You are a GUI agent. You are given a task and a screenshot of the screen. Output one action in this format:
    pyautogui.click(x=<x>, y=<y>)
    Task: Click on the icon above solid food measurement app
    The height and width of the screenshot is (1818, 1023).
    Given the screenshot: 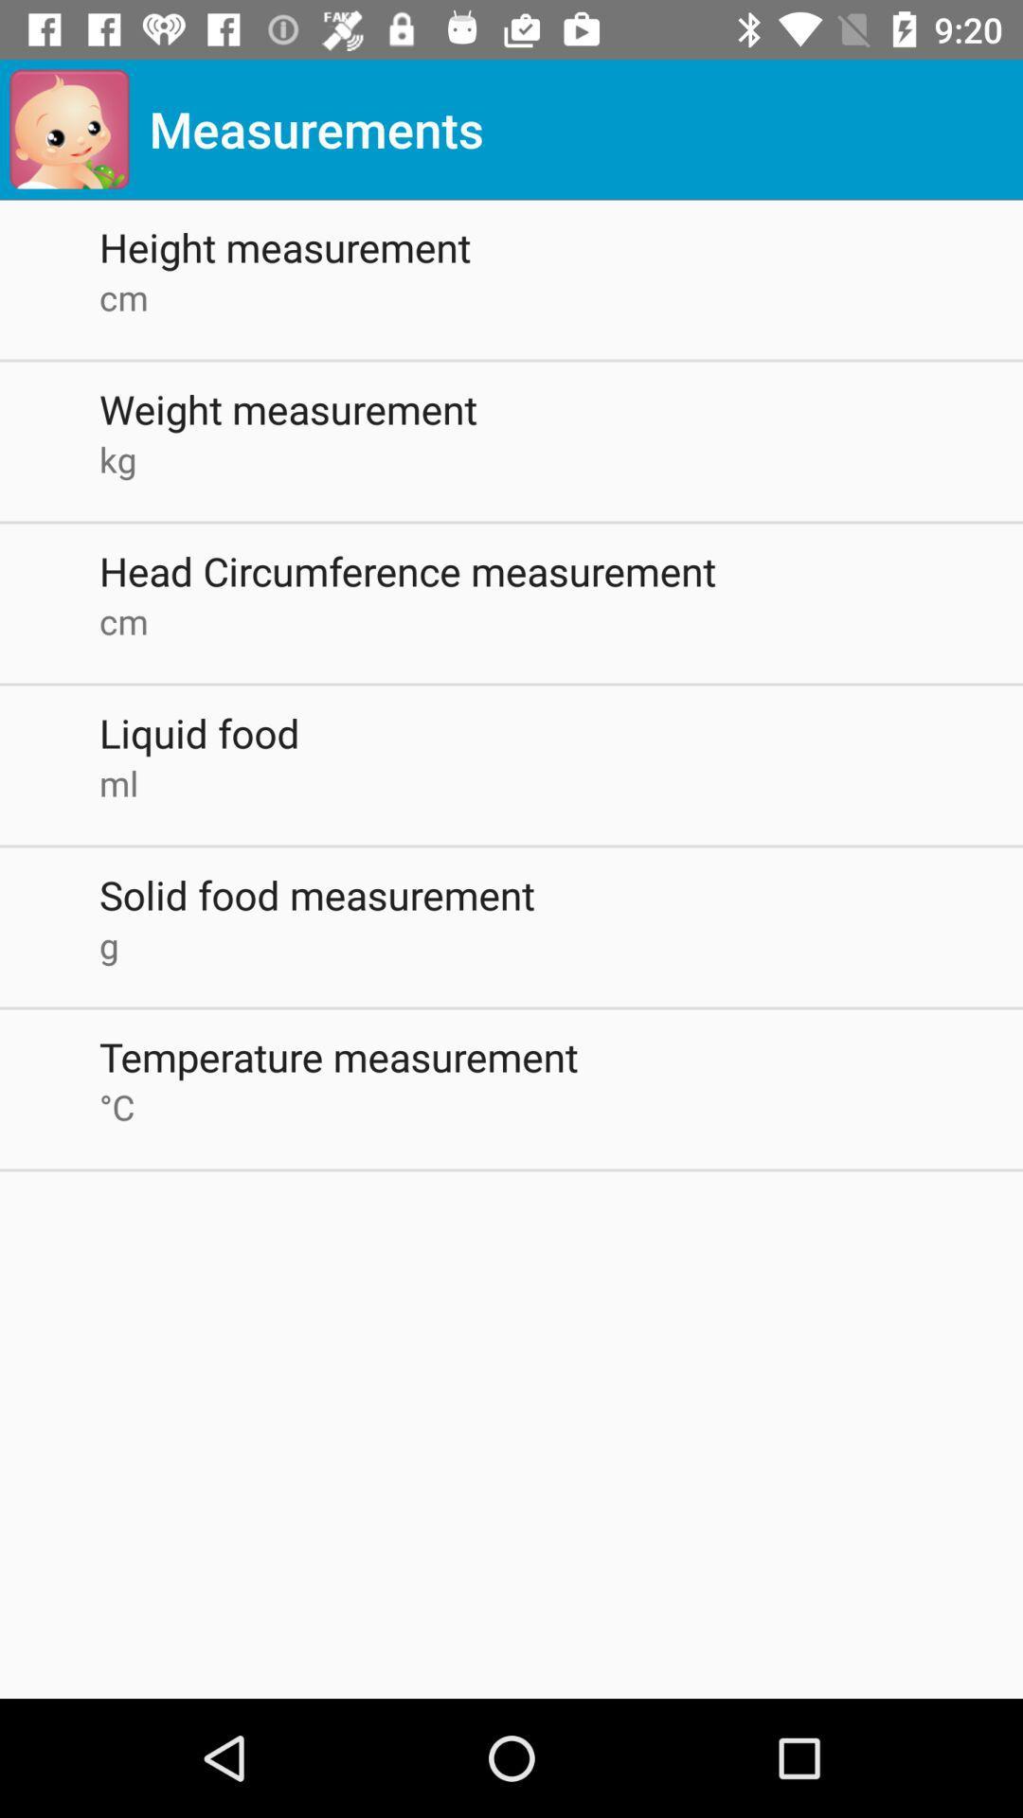 What is the action you would take?
    pyautogui.click(x=560, y=783)
    